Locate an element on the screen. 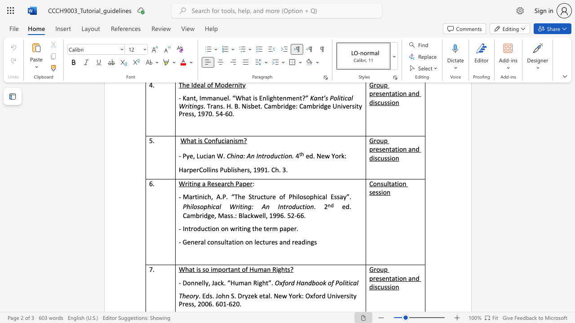 The width and height of the screenshot is (575, 323). the subset text "Paper" within the text "Writing a Research Paper" is located at coordinates (235, 183).